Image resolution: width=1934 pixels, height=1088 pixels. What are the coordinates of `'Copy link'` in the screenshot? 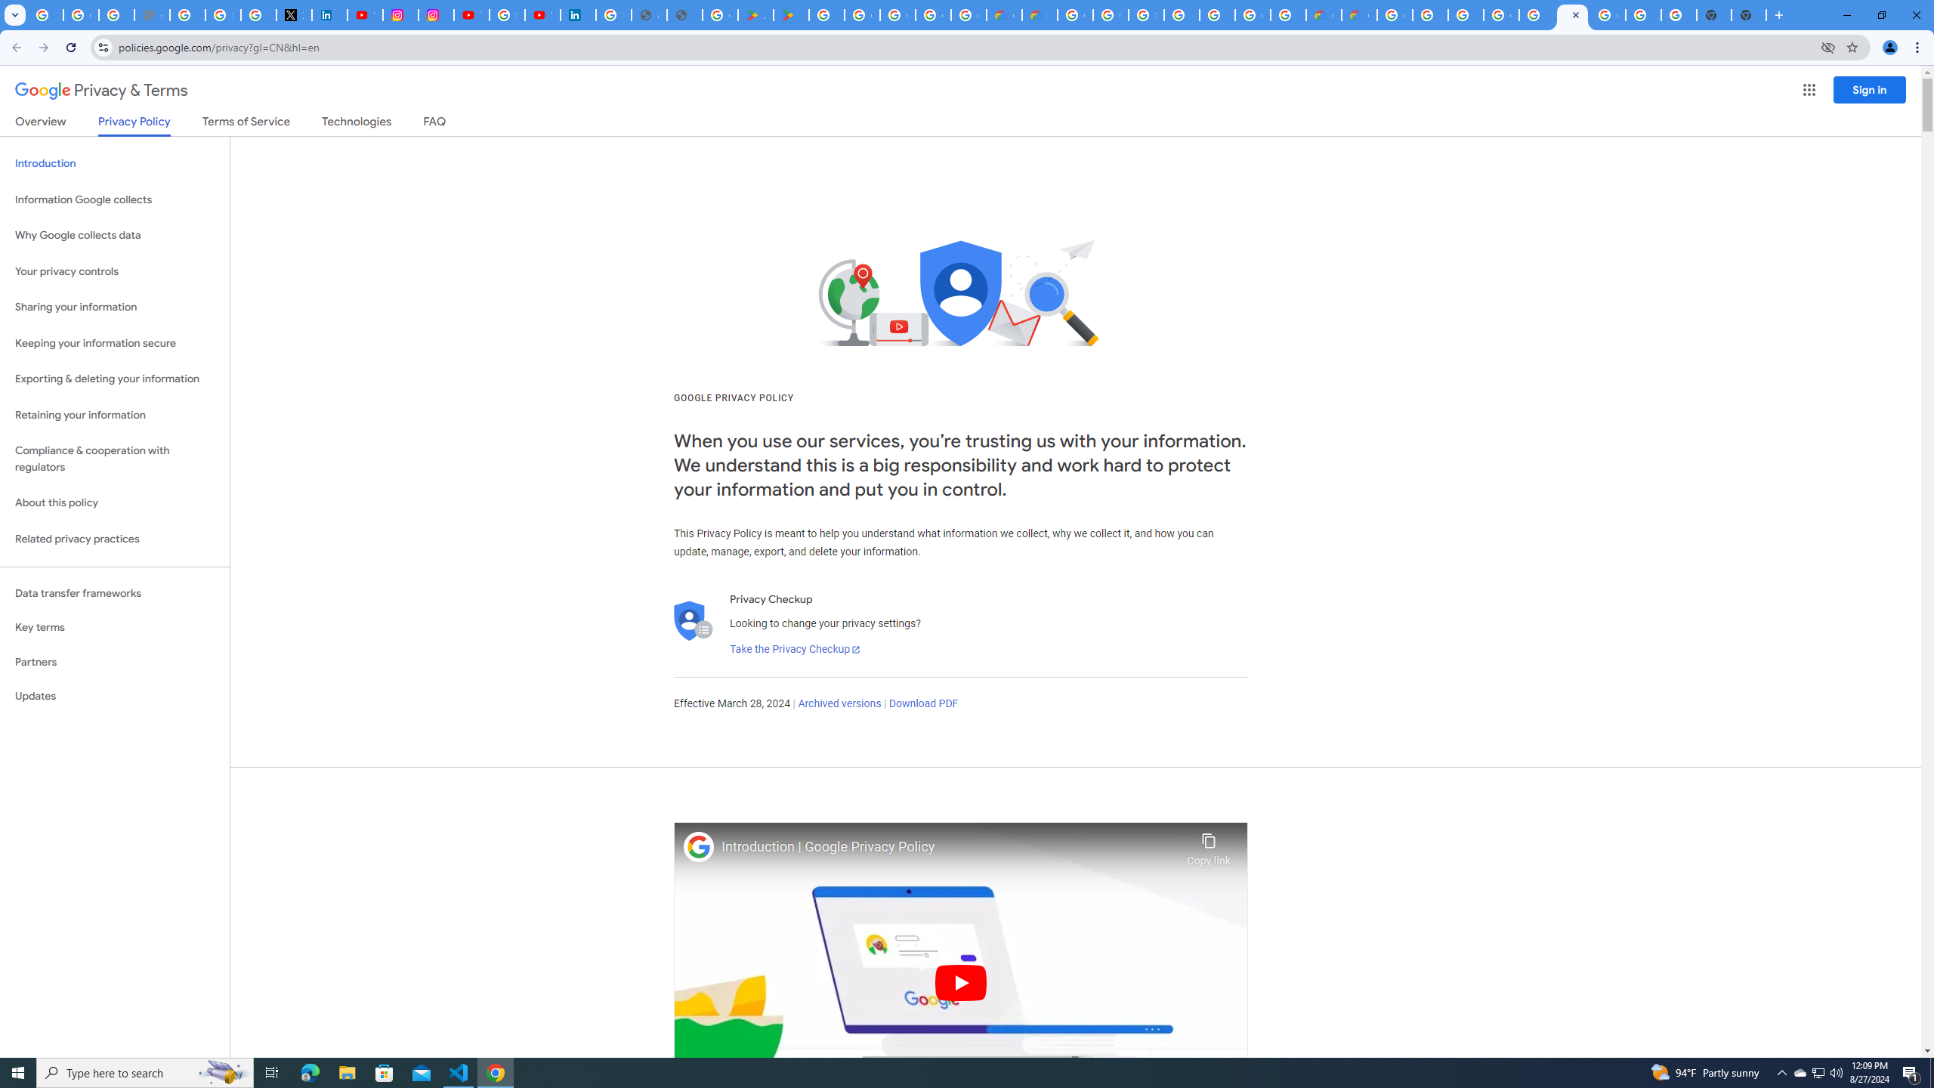 It's located at (1208, 845).